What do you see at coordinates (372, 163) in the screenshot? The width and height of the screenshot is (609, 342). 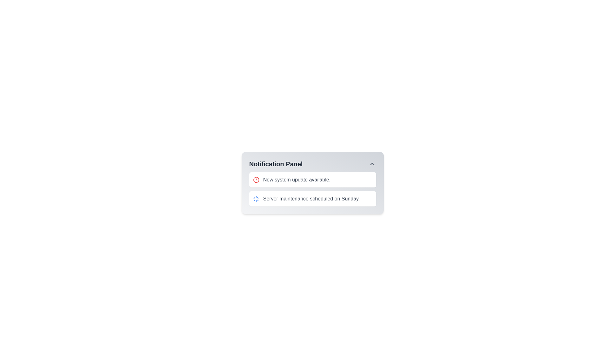 I see `the upward-pointing chevron button in the top-right corner of the 'Notification Panel'` at bounding box center [372, 163].